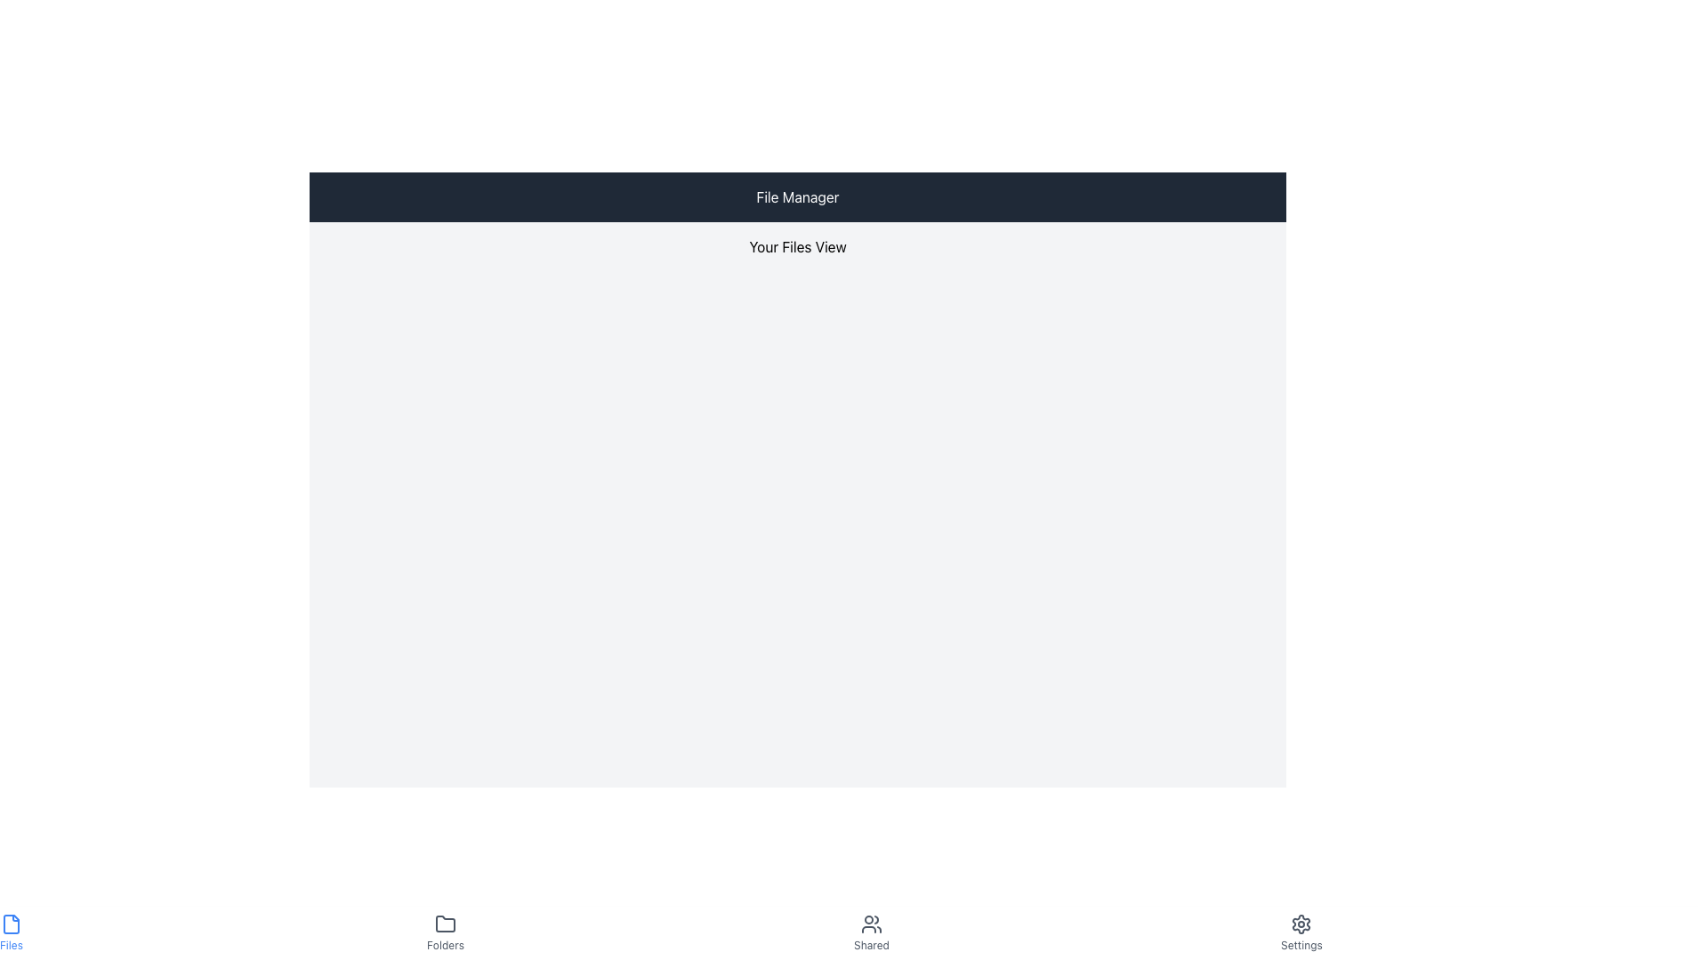 This screenshot has width=1708, height=960. Describe the element at coordinates (871, 924) in the screenshot. I see `the navigation icon for accessing the 'Shared' section of the application` at that location.